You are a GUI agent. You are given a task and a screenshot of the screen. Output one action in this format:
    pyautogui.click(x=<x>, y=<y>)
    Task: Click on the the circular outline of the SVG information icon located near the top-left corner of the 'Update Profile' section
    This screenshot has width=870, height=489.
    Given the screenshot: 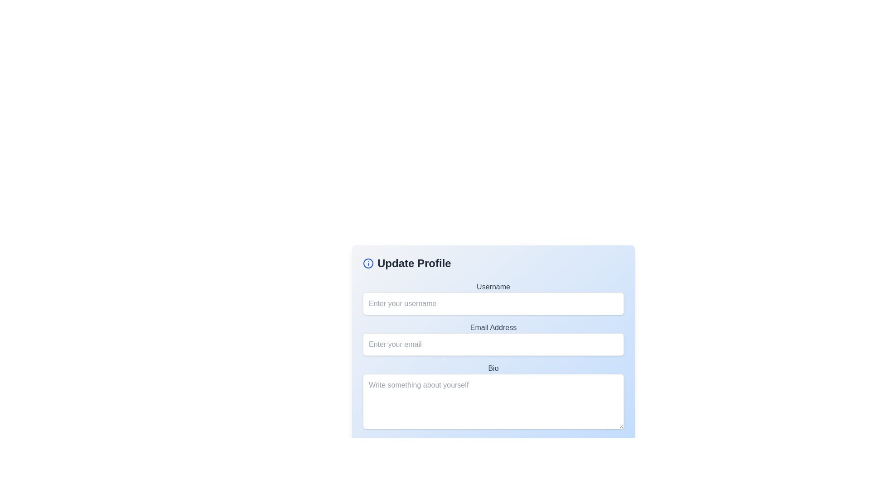 What is the action you would take?
    pyautogui.click(x=368, y=264)
    